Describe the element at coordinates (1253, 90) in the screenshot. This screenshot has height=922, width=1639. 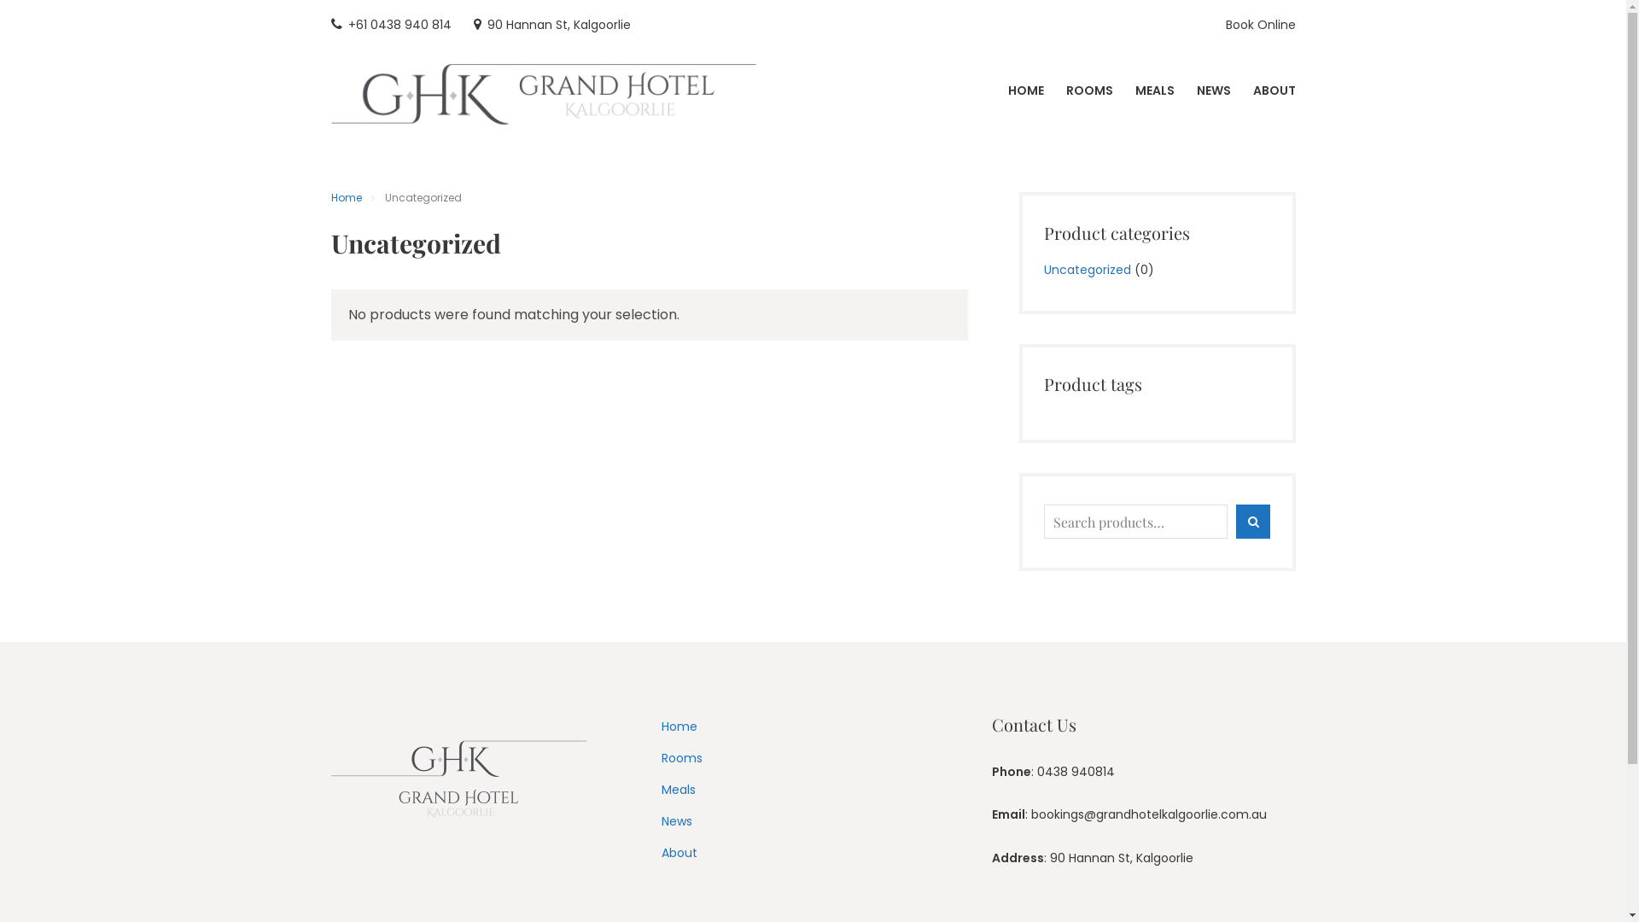
I see `'ABOUT'` at that location.